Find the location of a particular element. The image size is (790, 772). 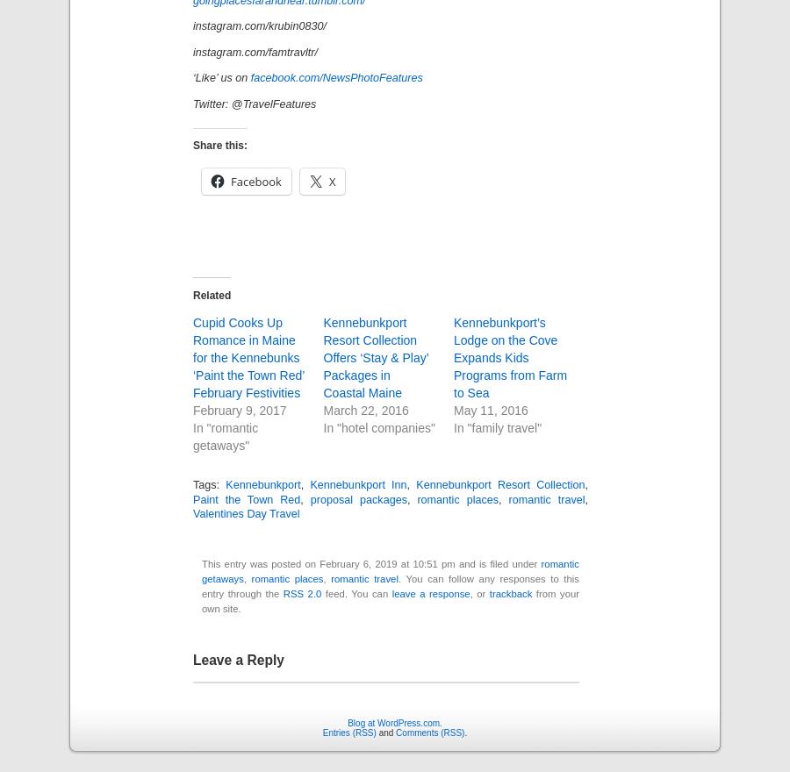

'from your own site.' is located at coordinates (390, 600).